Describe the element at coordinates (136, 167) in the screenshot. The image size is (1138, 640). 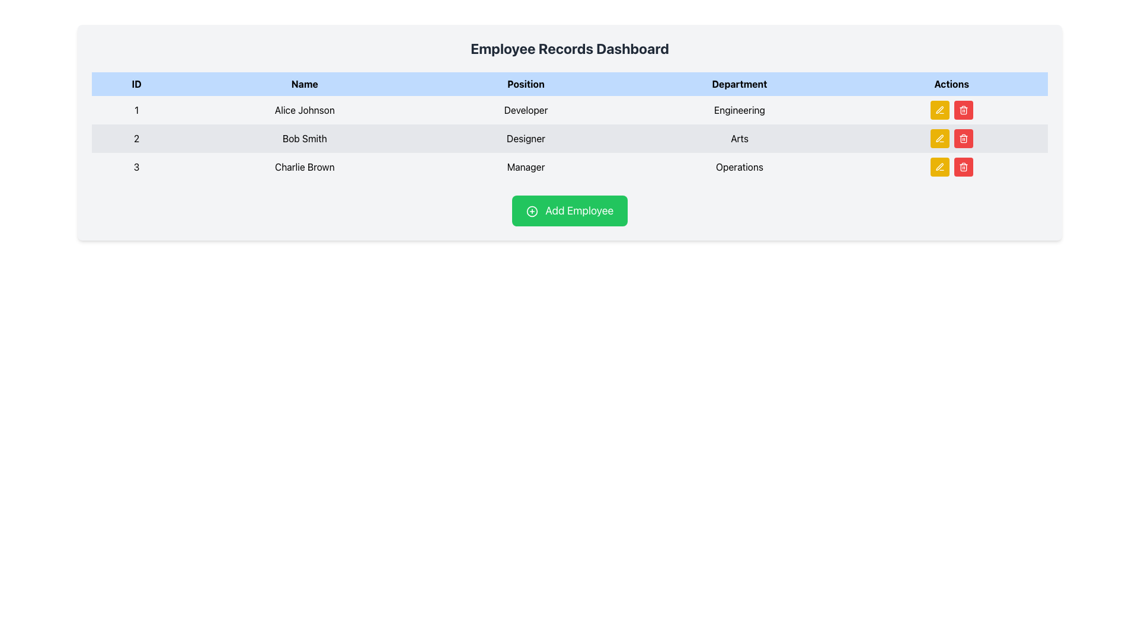
I see `the numerical identifier '3' which is styled in bold and centered, located in the first column of the row corresponding to 'Charlie Brown' in the table` at that location.